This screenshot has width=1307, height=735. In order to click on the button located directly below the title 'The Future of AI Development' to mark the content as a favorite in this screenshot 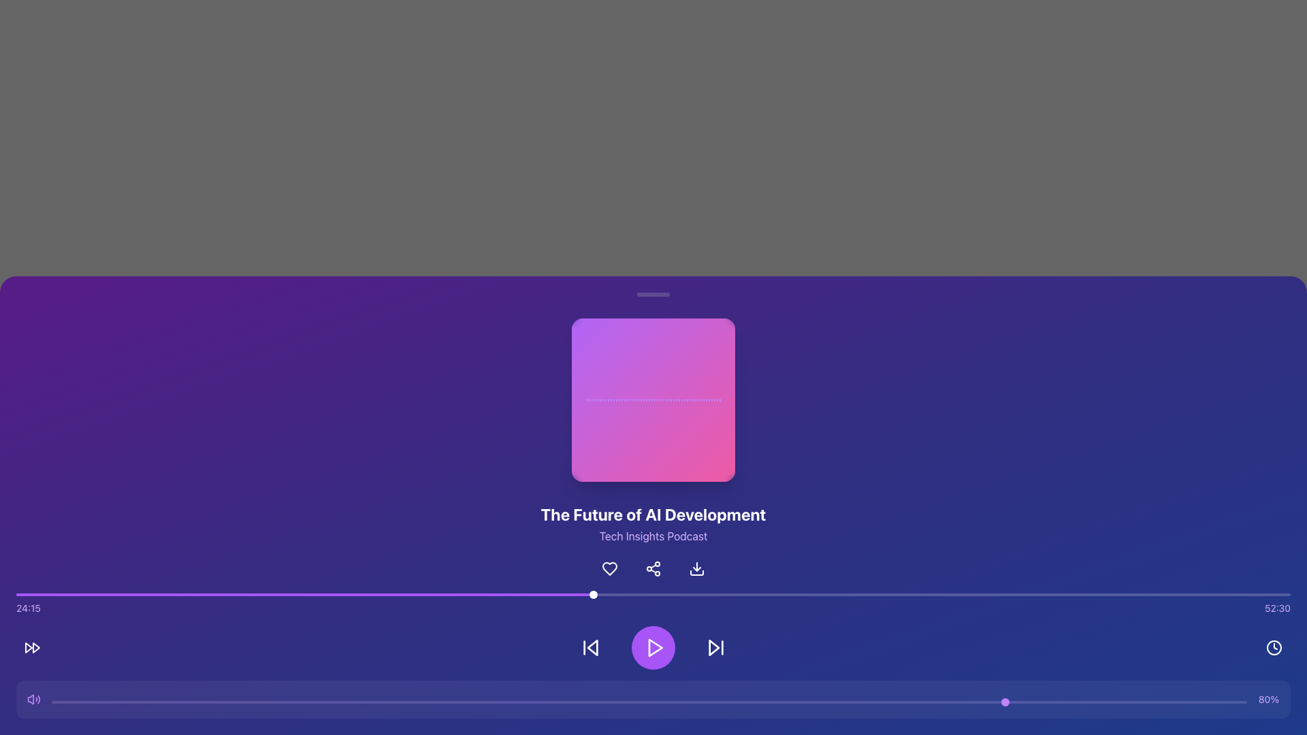, I will do `click(609, 569)`.